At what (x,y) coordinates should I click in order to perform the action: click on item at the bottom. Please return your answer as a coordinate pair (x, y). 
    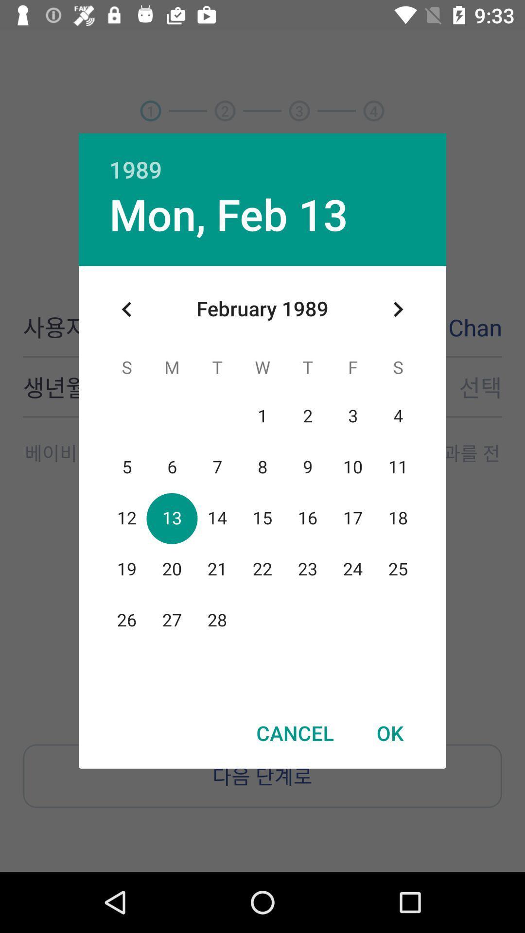
    Looking at the image, I should click on (295, 733).